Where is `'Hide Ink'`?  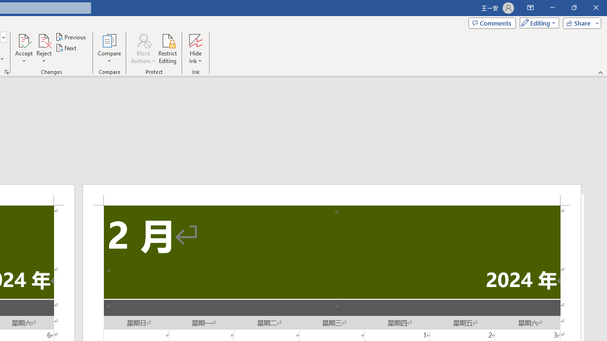 'Hide Ink' is located at coordinates (195, 49).